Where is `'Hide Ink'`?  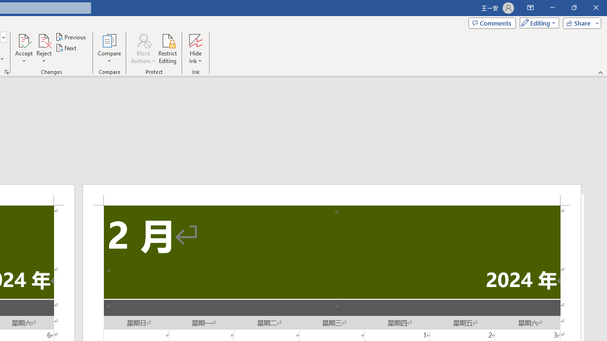 'Hide Ink' is located at coordinates (195, 49).